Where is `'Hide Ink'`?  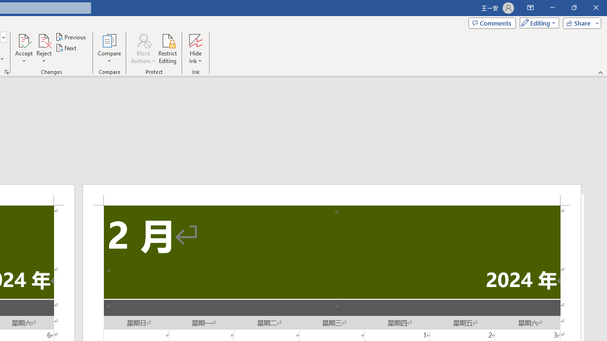 'Hide Ink' is located at coordinates (195, 49).